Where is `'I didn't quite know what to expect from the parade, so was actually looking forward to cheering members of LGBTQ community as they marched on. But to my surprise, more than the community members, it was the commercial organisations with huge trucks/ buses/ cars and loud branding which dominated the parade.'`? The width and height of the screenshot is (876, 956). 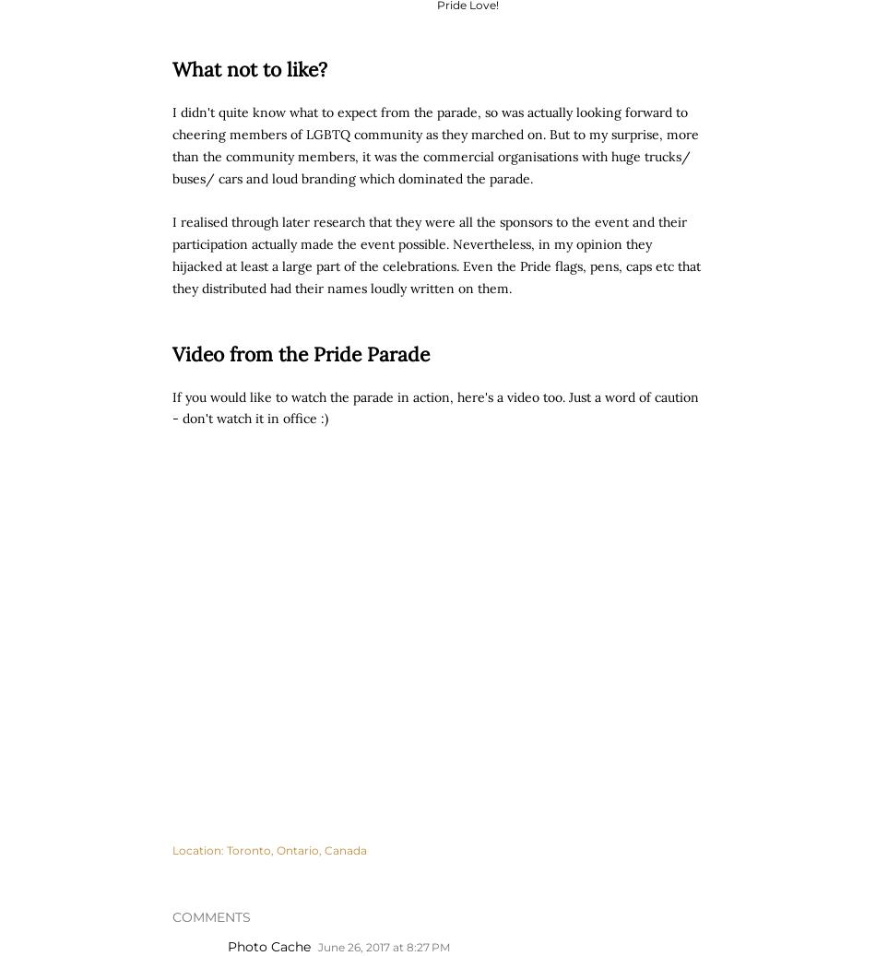 'I didn't quite know what to expect from the parade, so was actually looking forward to cheering members of LGBTQ community as they marched on. But to my surprise, more than the community members, it was the commercial organisations with huge trucks/ buses/ cars and loud branding which dominated the parade.' is located at coordinates (434, 144).